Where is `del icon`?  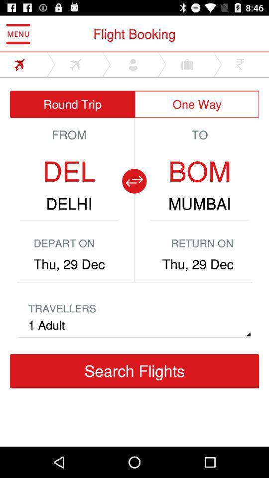
del icon is located at coordinates (68, 171).